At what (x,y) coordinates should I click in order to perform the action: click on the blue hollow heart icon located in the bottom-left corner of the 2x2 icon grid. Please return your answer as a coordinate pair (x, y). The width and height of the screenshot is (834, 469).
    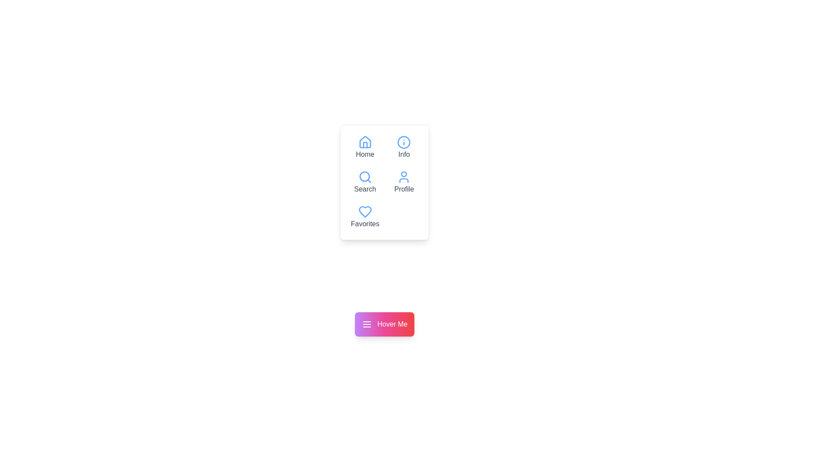
    Looking at the image, I should click on (365, 212).